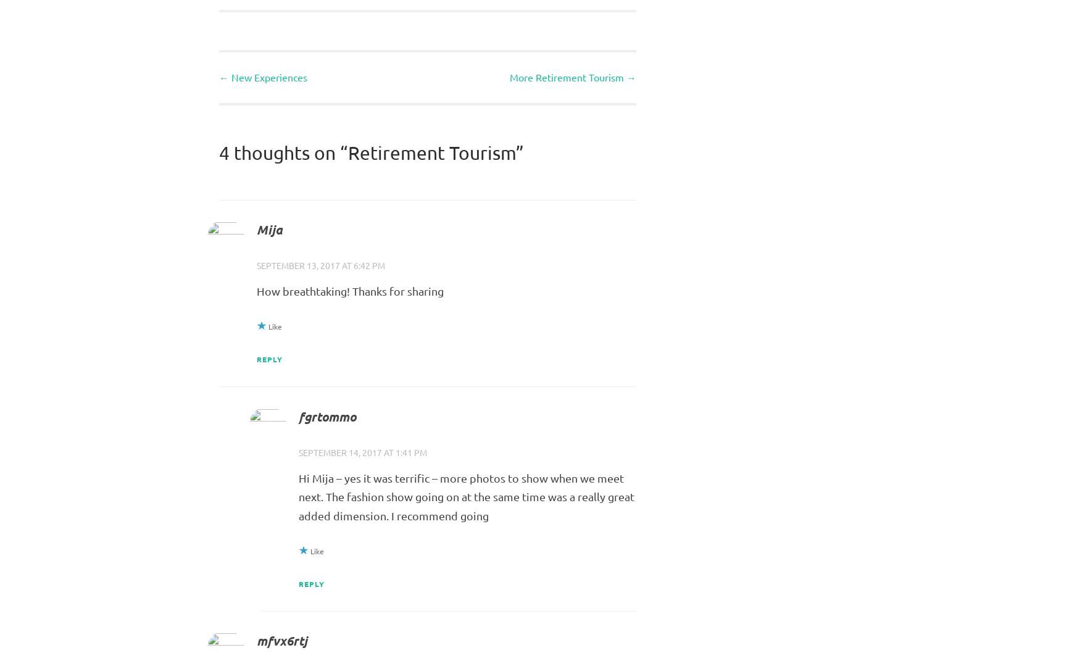 Image resolution: width=1080 pixels, height=653 pixels. I want to click on 'Mija', so click(268, 229).